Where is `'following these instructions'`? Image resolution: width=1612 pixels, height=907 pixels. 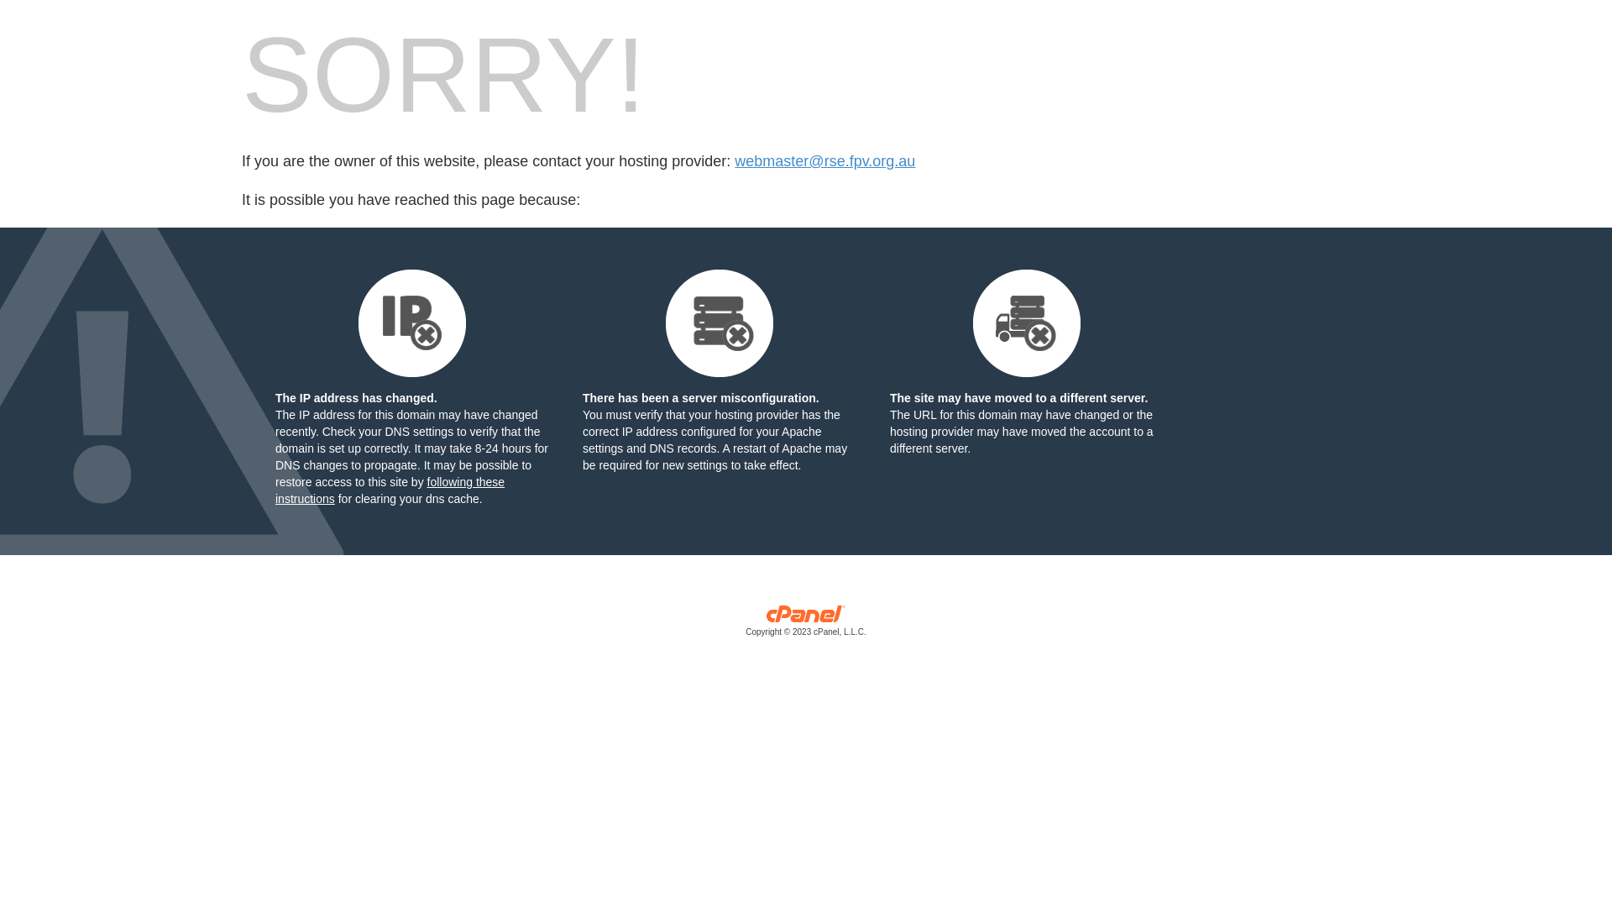 'following these instructions' is located at coordinates (389, 490).